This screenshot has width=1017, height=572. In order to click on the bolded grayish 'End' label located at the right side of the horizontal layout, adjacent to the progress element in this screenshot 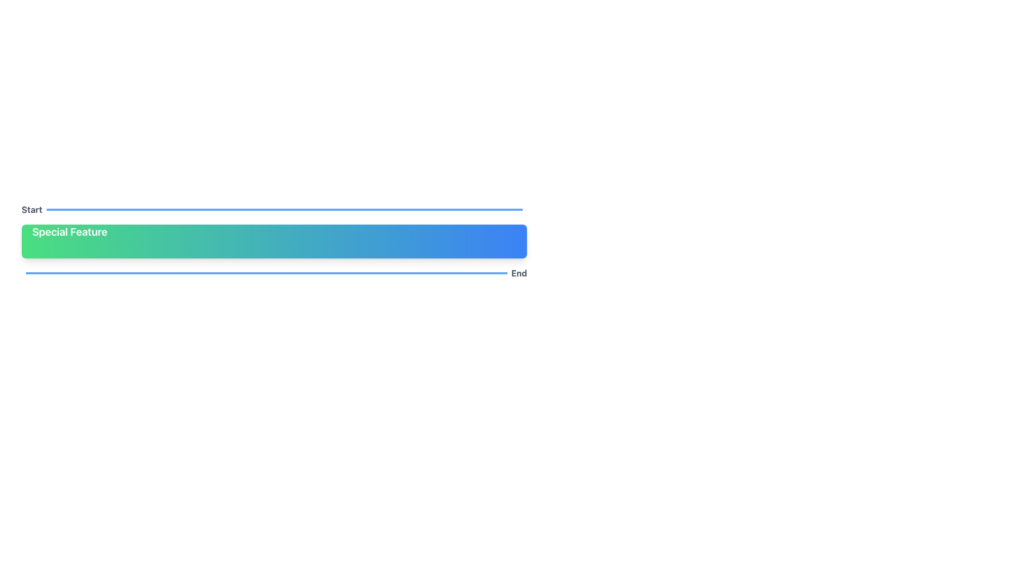, I will do `click(519, 273)`.